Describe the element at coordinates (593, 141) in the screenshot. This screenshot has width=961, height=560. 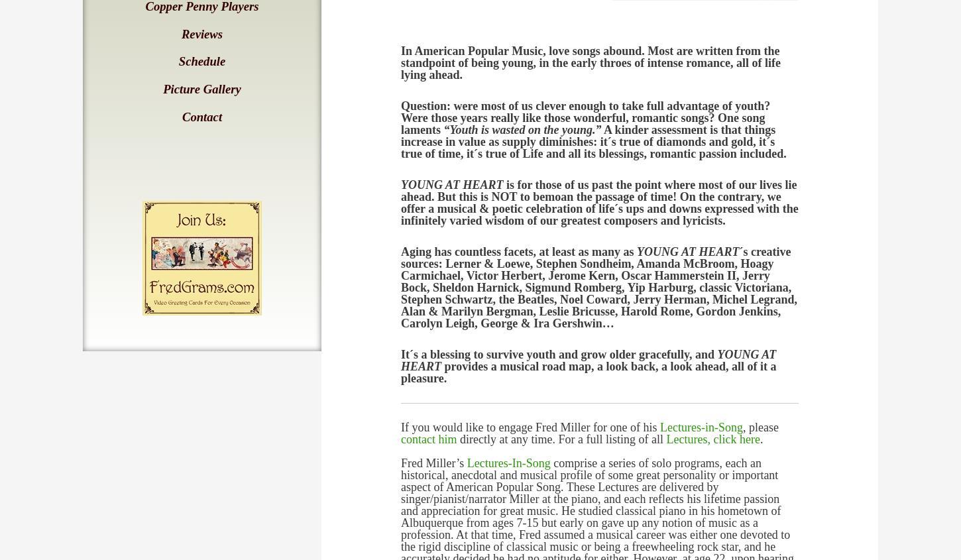
I see `'A kinder assessment is that things increase in value as supply diminishes: it´s true of diamonds and gold, it´s true of time, it´s true of Life and all its blessings, romantic passion included.'` at that location.